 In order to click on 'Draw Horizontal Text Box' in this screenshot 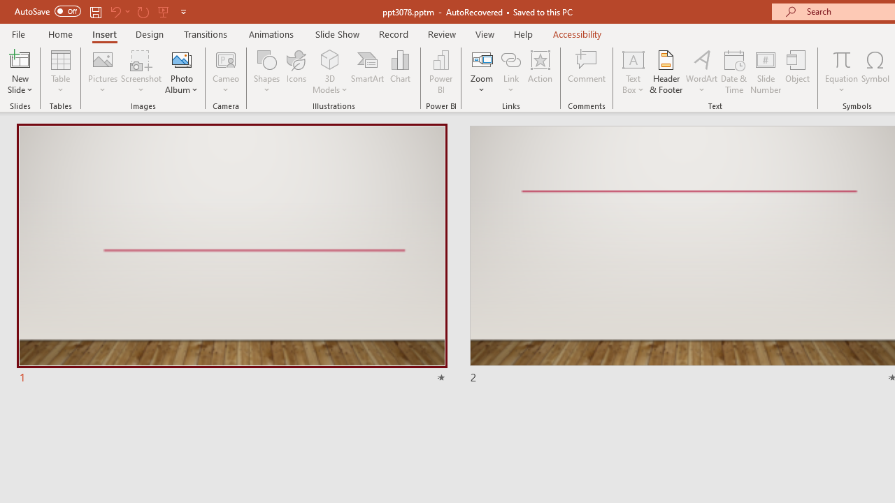, I will do `click(632, 59)`.